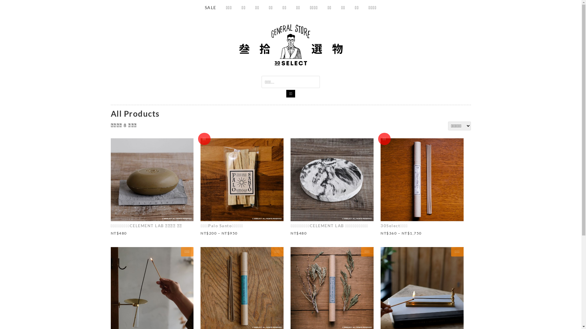  Describe the element at coordinates (200, 7) in the screenshot. I see `'SALE'` at that location.